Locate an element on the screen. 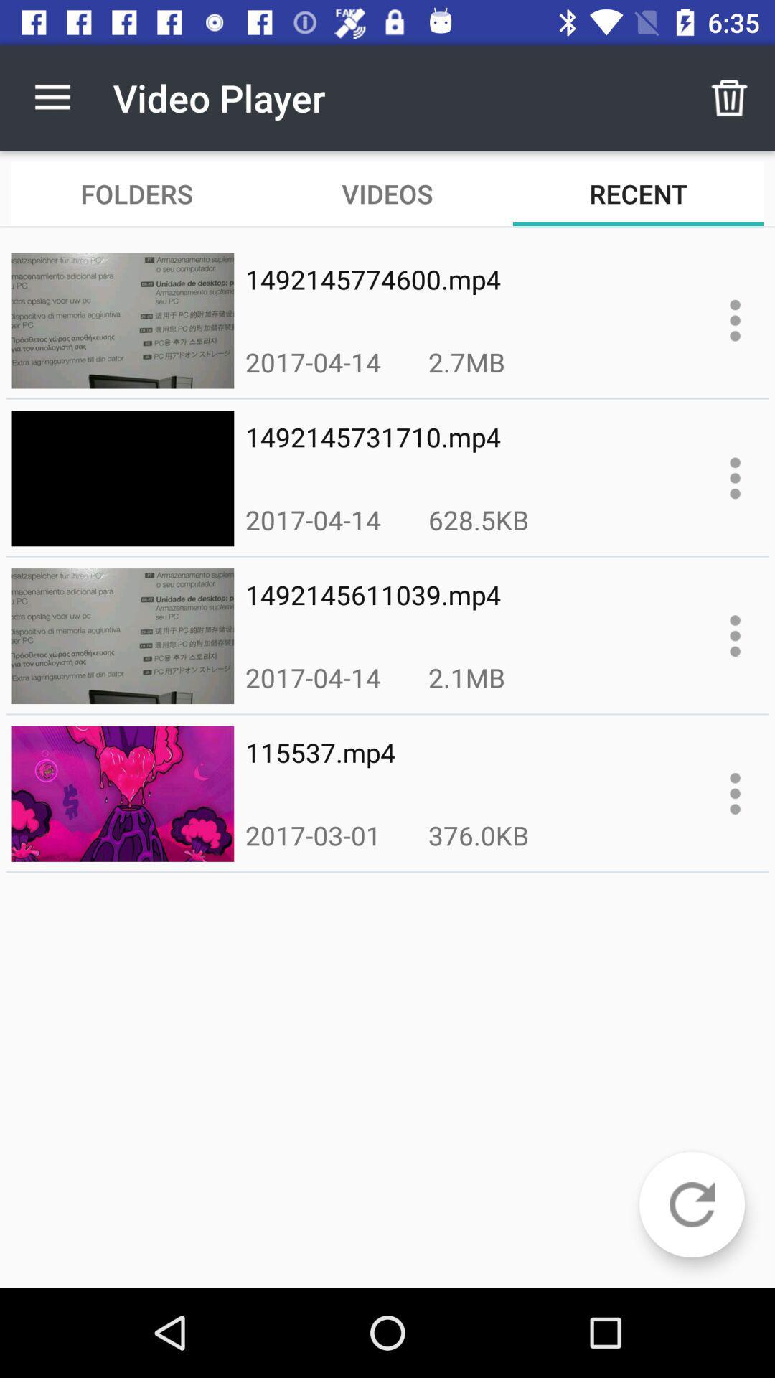 The width and height of the screenshot is (775, 1378). item above the folders item is located at coordinates (52, 97).